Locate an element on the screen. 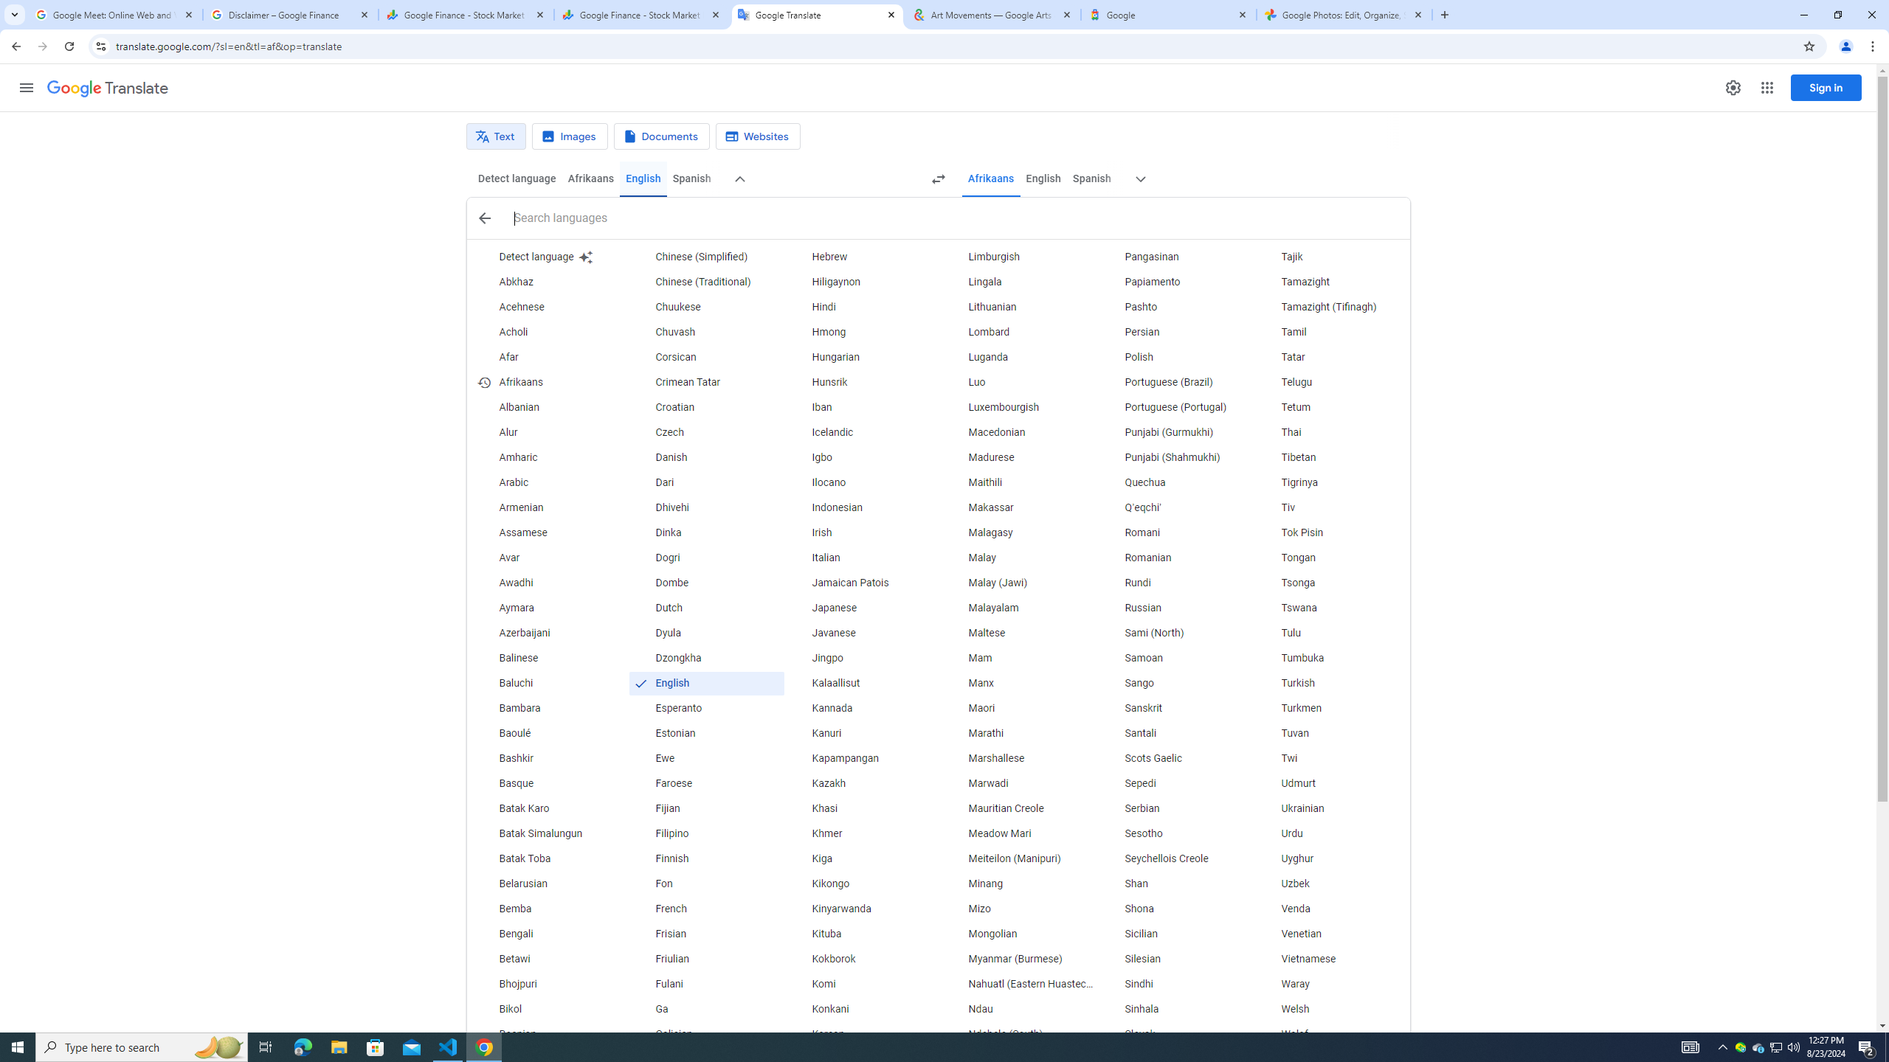 The width and height of the screenshot is (1889, 1062). 'Pashto' is located at coordinates (1175, 306).